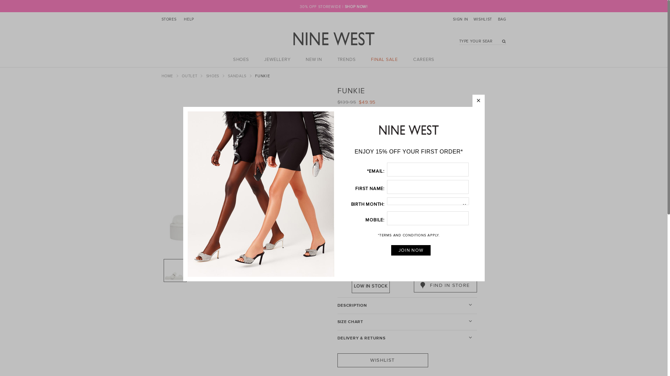 This screenshot has height=376, width=670. What do you see at coordinates (388, 170) in the screenshot?
I see `'6'` at bounding box center [388, 170].